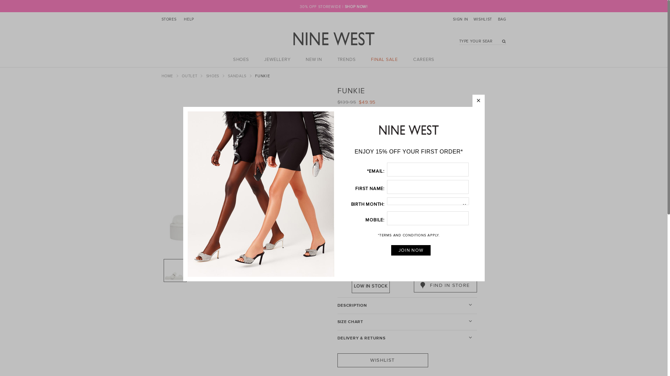 This screenshot has height=376, width=670. What do you see at coordinates (388, 170) in the screenshot?
I see `'6'` at bounding box center [388, 170].